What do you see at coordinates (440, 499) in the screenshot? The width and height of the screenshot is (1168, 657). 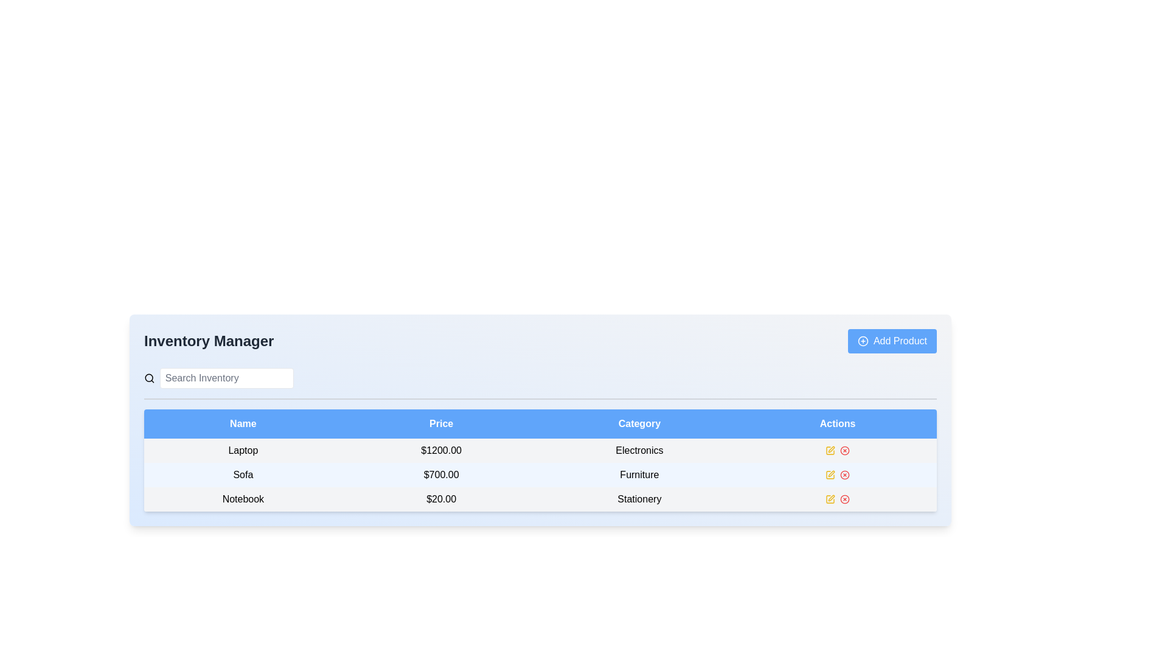 I see `the price label displaying '$20.00', which is formatted in black text on a light gray background, located in the 'Price' column of the product details table for 'Notebook'` at bounding box center [440, 499].